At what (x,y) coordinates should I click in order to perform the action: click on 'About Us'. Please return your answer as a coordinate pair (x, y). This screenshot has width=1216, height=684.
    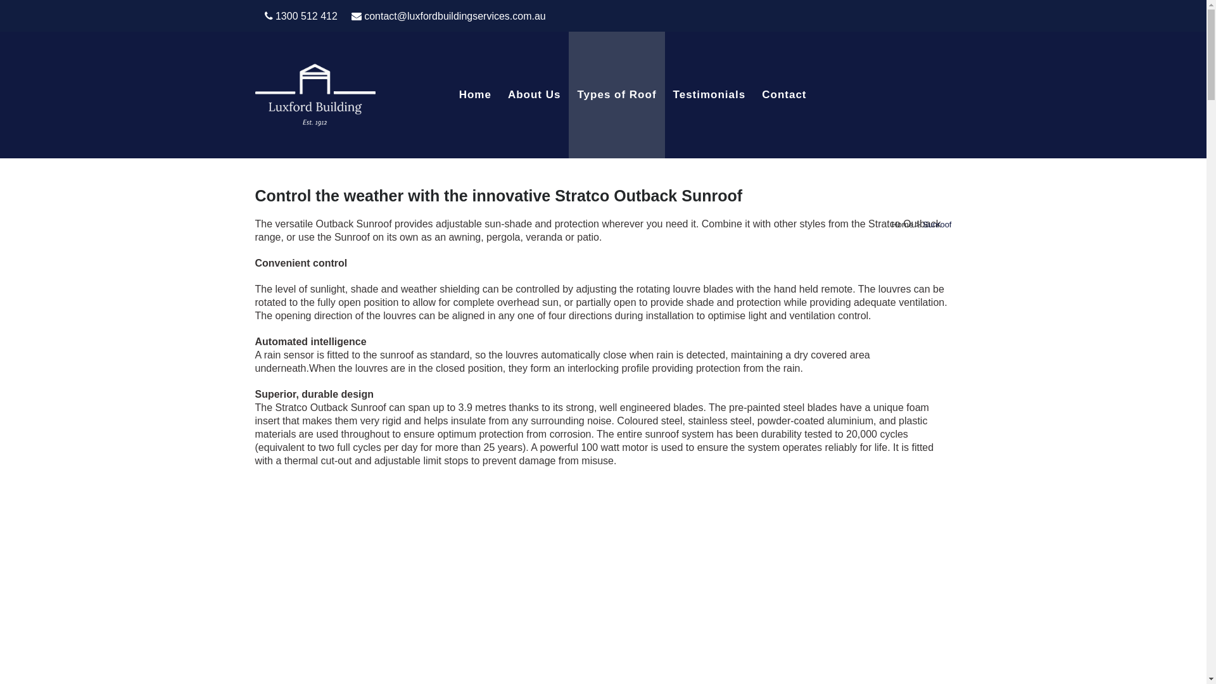
    Looking at the image, I should click on (498, 94).